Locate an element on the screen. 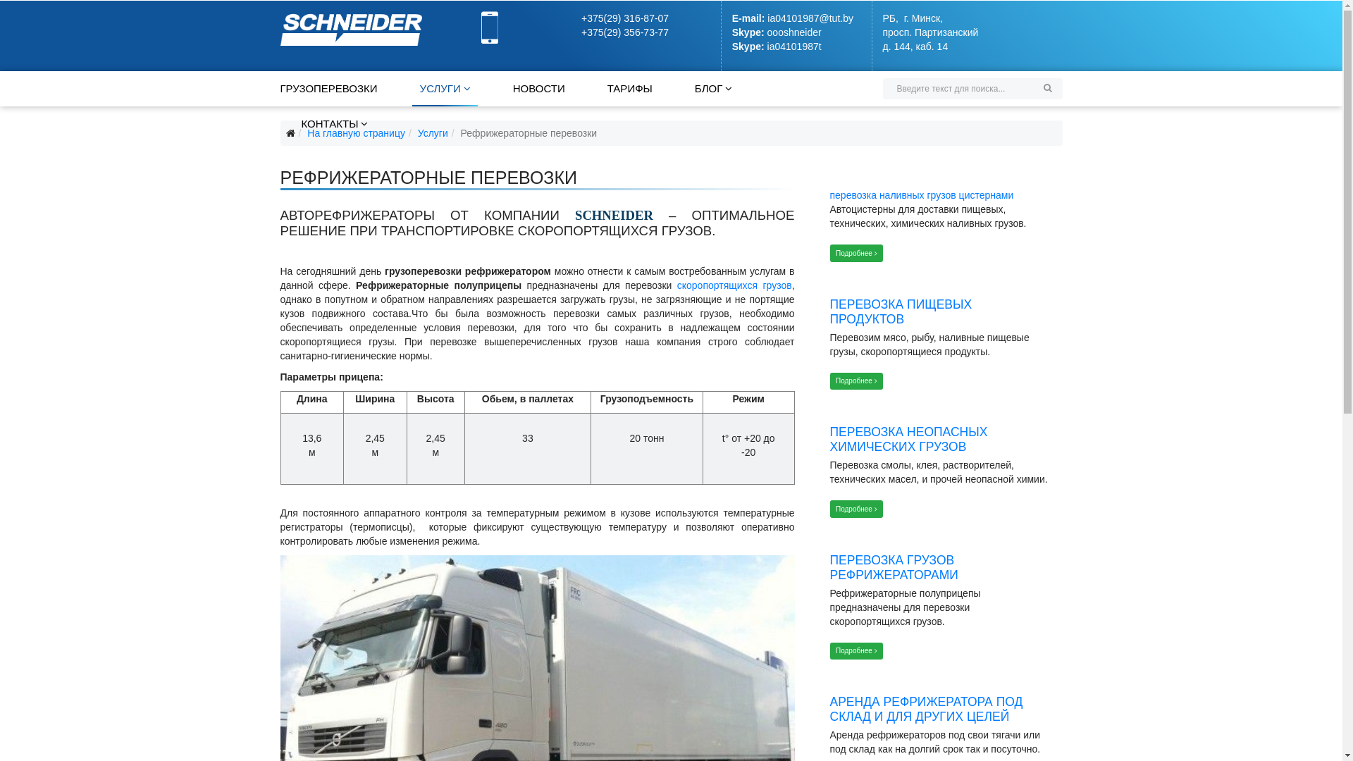  '+375(29) 316-87-07' is located at coordinates (624, 18).